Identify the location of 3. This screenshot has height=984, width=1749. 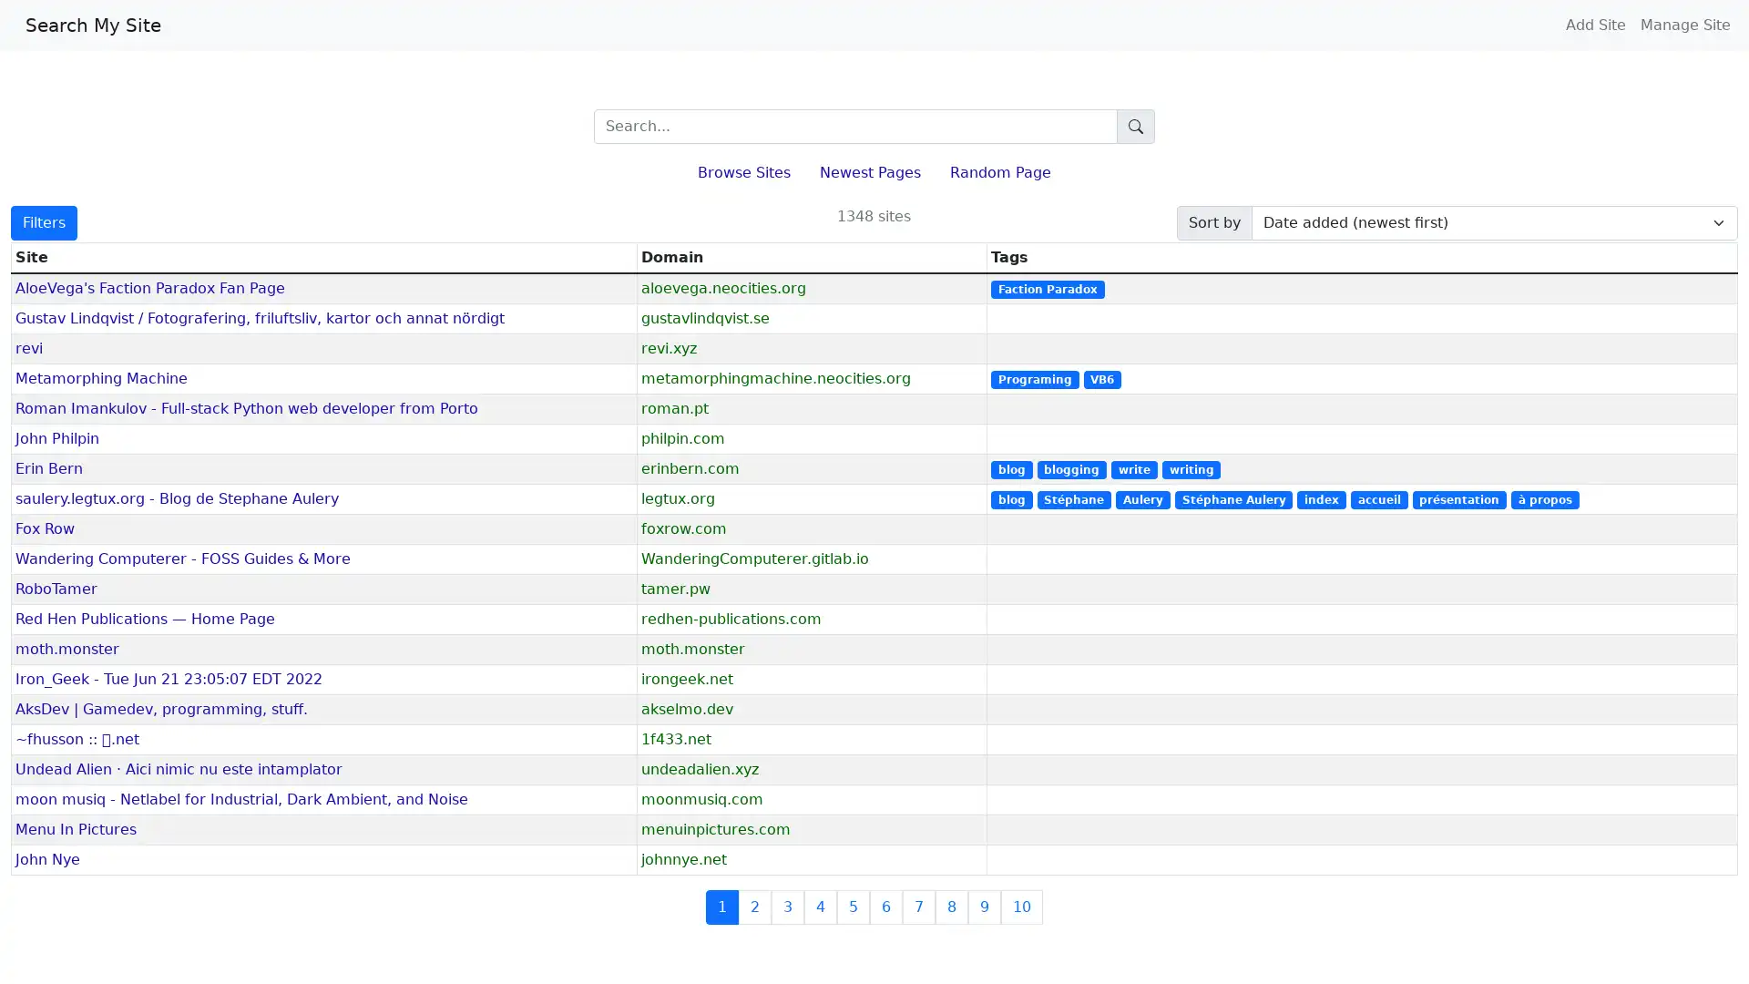
(787, 907).